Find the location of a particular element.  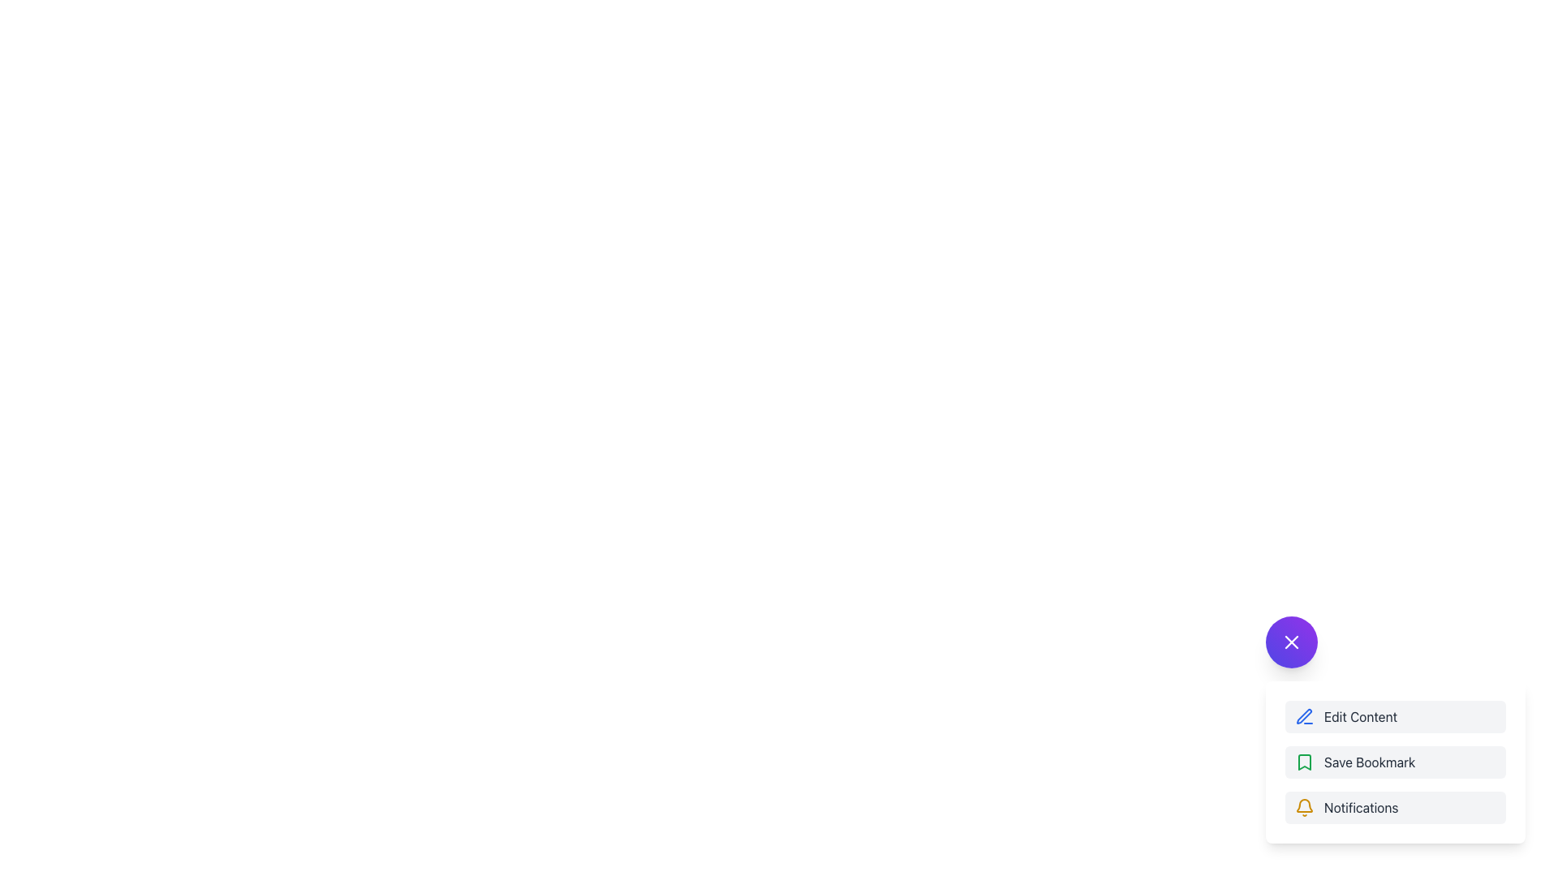

the 'Notifications' text label located in the bottom-right corner of the interface, which serves as a descriptor for the associated menu option is located at coordinates (1361, 807).